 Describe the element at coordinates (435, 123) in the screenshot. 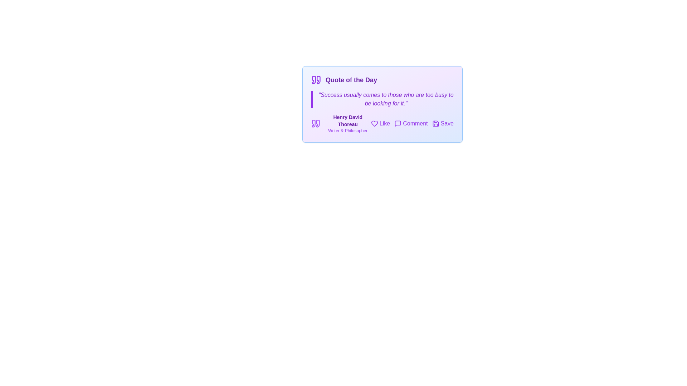

I see `the floppy disk icon button associated with the 'Save' function` at that location.